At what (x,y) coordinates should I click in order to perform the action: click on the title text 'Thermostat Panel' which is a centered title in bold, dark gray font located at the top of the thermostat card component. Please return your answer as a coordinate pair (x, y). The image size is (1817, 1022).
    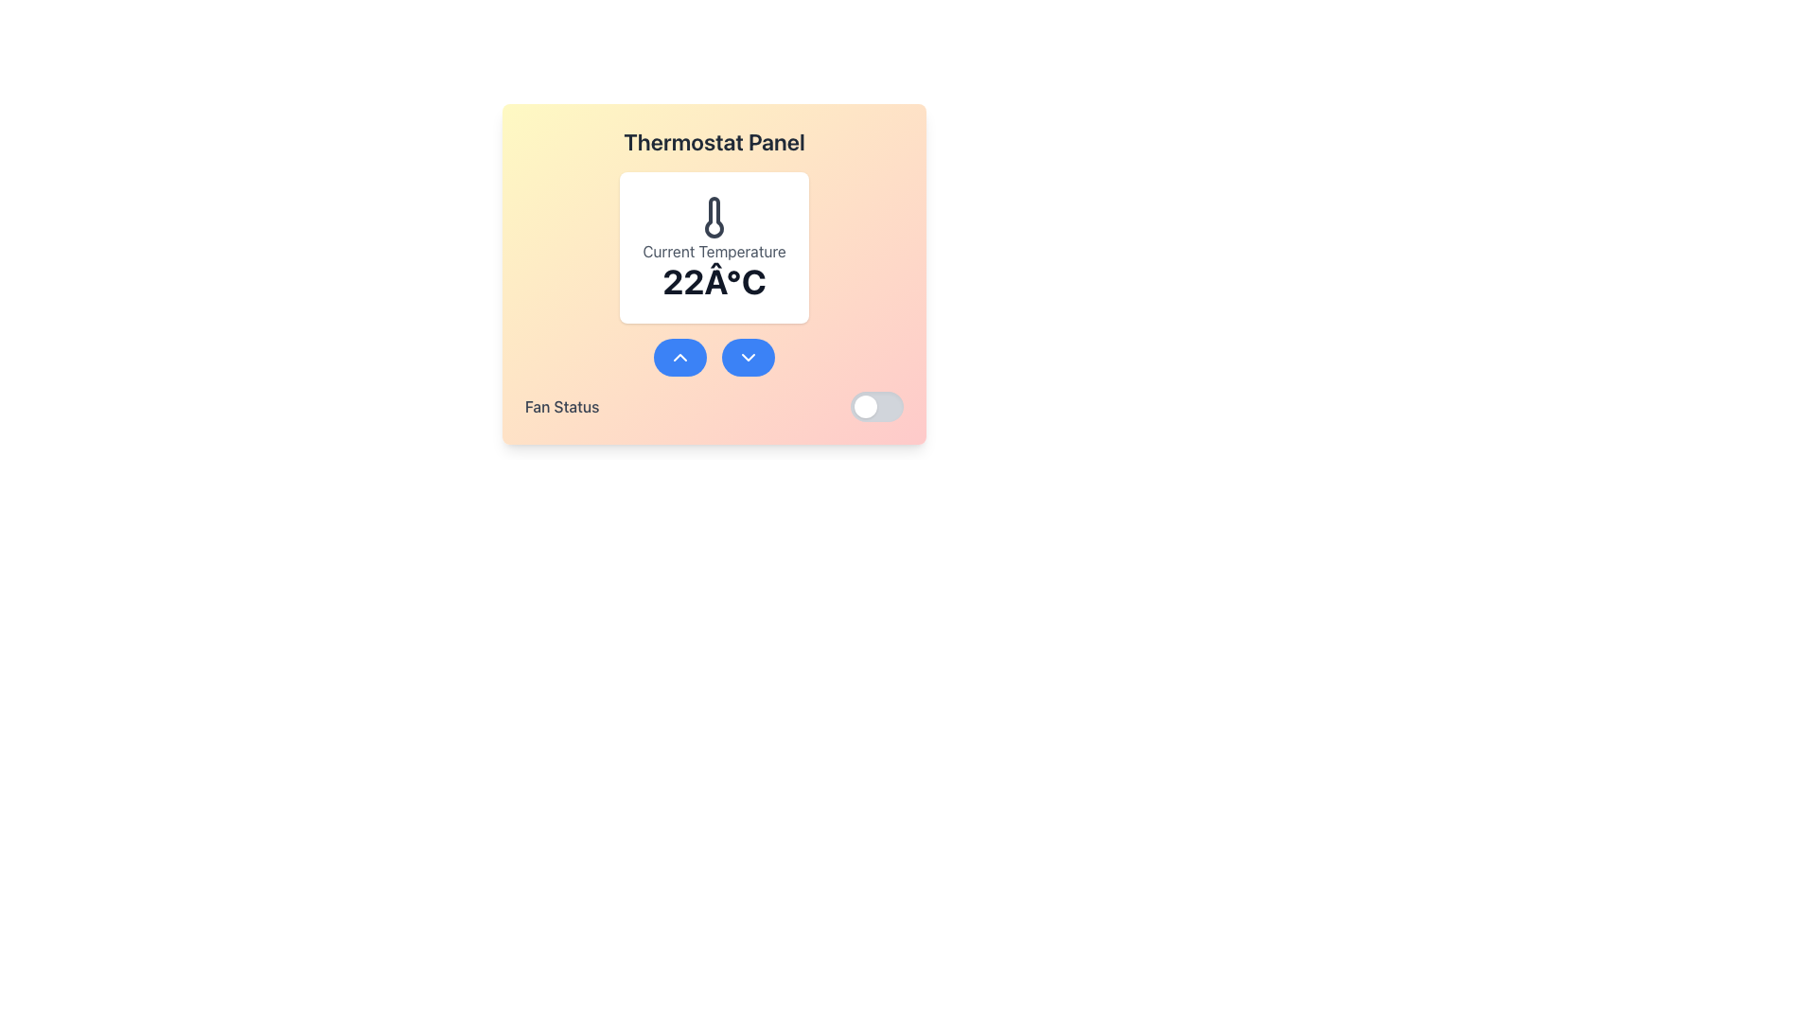
    Looking at the image, I should click on (713, 141).